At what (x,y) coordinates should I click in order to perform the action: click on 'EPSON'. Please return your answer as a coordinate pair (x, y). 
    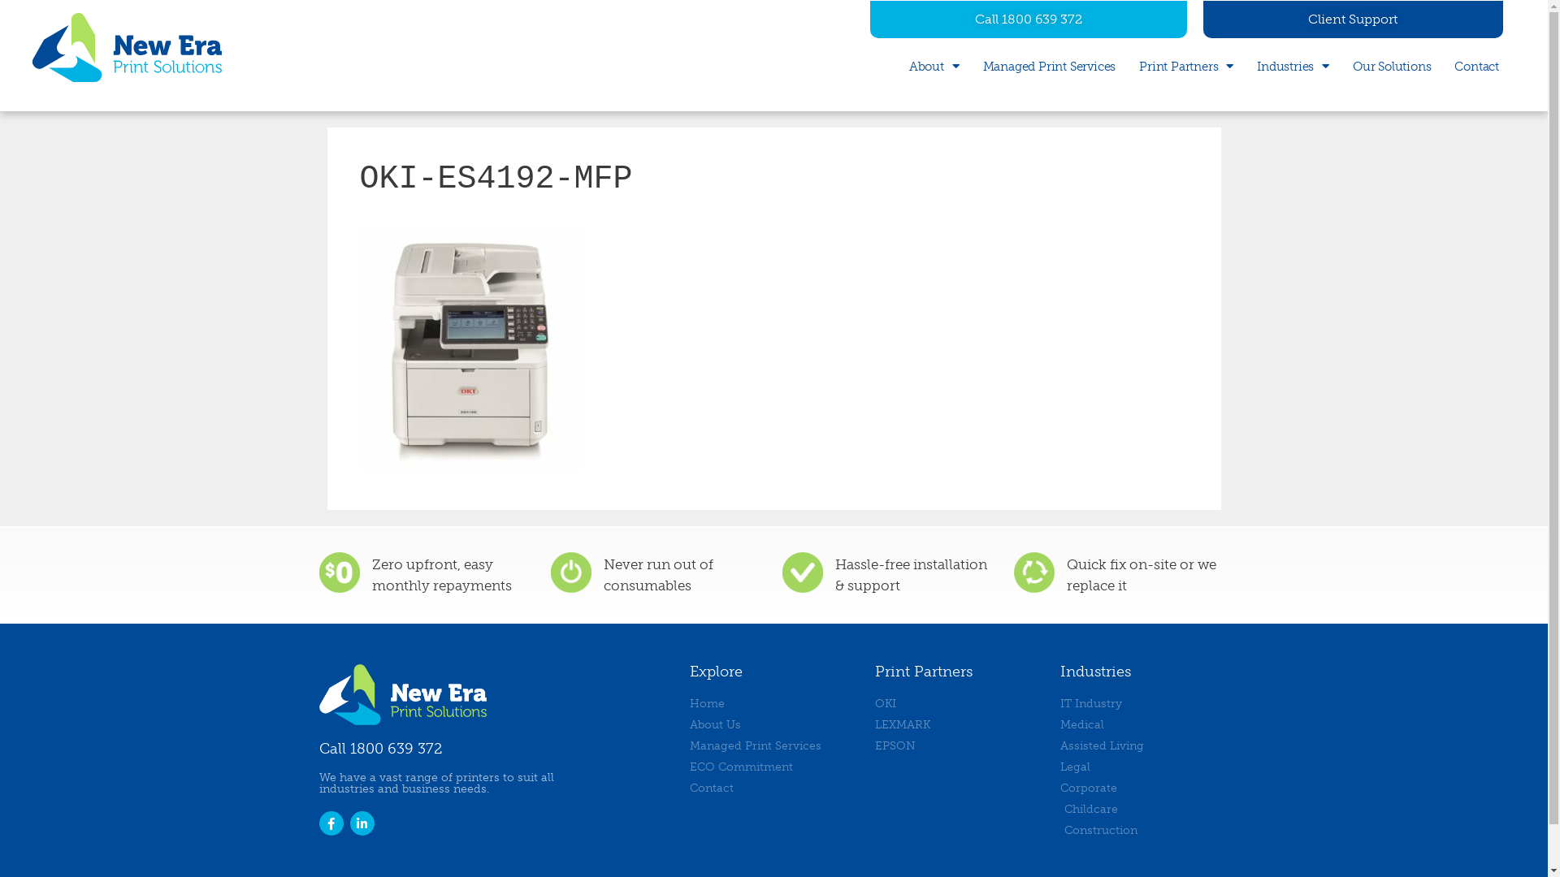
    Looking at the image, I should click on (959, 745).